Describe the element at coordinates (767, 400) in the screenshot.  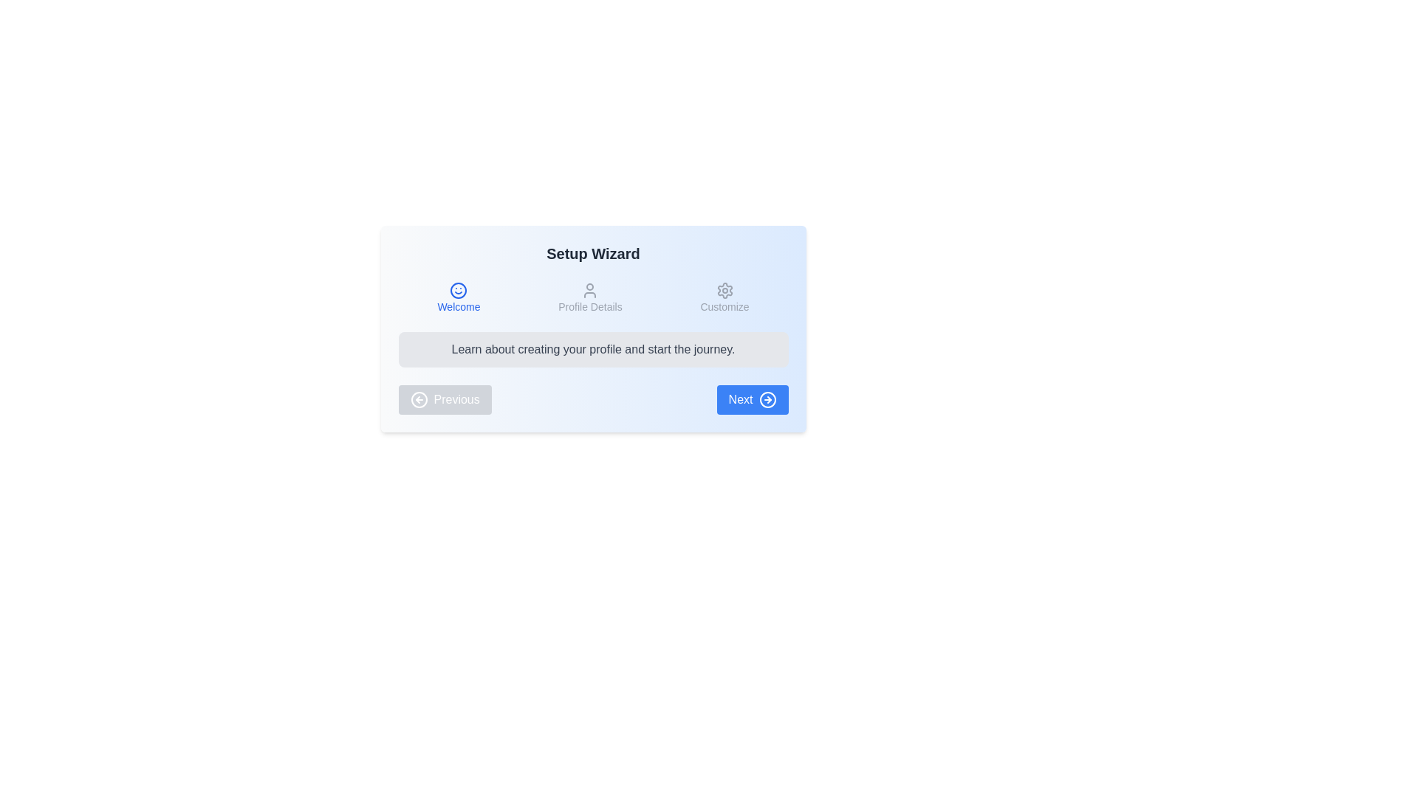
I see `the circular SVG element representing the background of the arrow icon within the 'Next' button located towards the lower right of the layout` at that location.